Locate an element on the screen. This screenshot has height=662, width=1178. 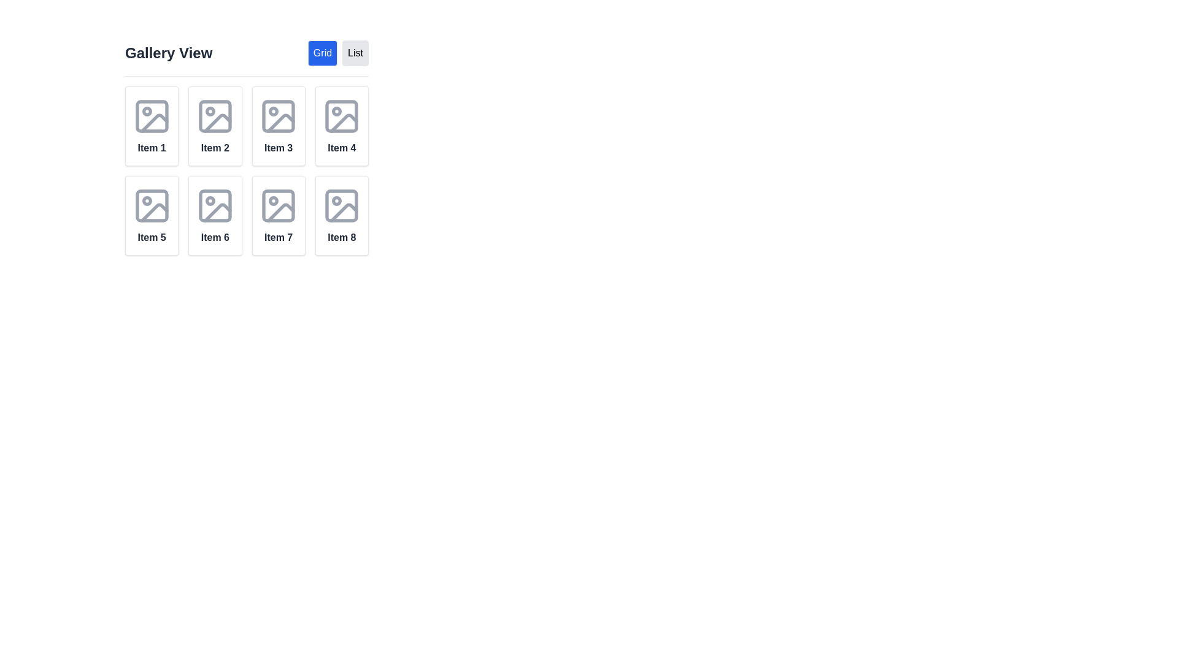
the Image Icon representing 'Item 1' in the top-left corner of the grid layout is located at coordinates (151, 116).